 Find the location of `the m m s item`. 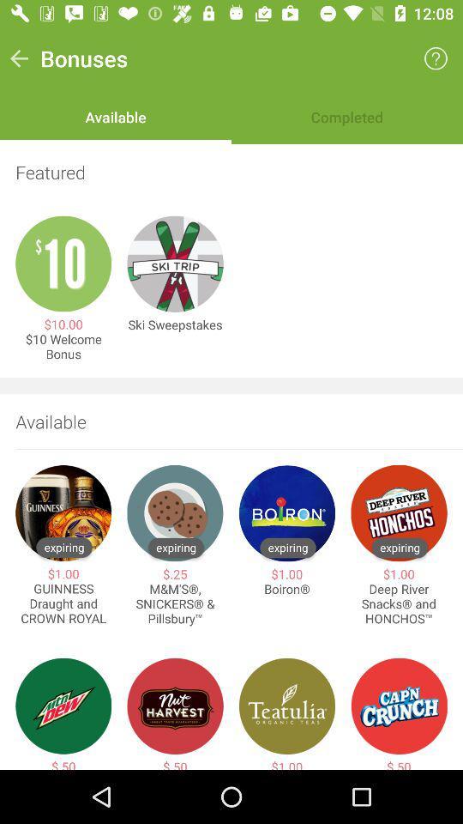

the m m s item is located at coordinates (174, 604).